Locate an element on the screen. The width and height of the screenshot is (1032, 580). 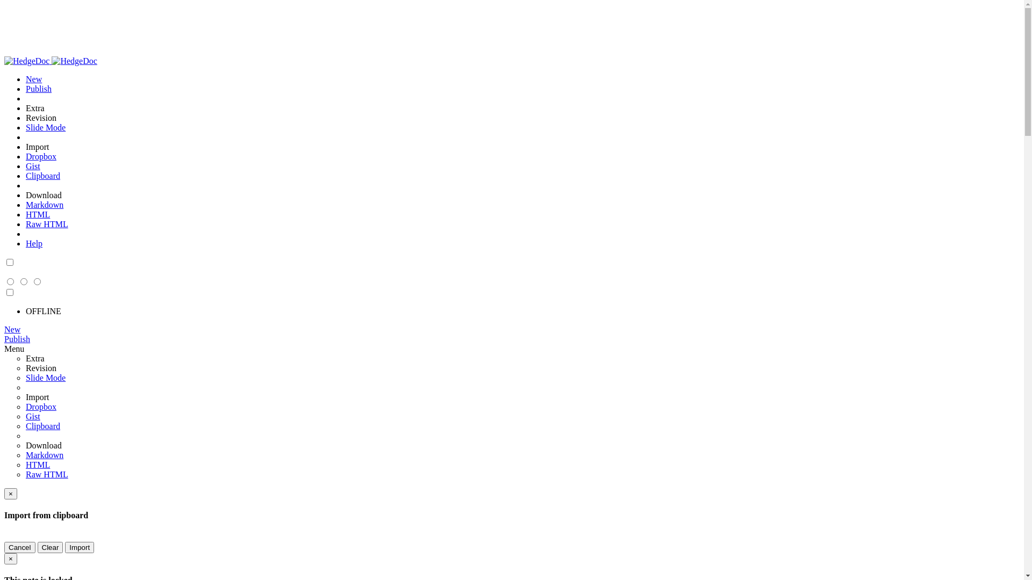
'HTML' is located at coordinates (38, 464).